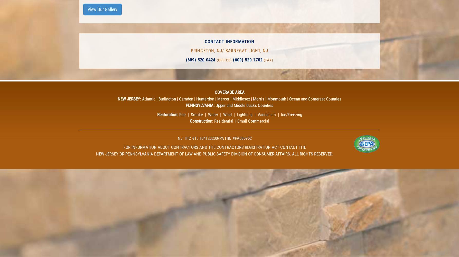 This screenshot has width=459, height=257. What do you see at coordinates (223, 121) in the screenshot?
I see `'Residential'` at bounding box center [223, 121].